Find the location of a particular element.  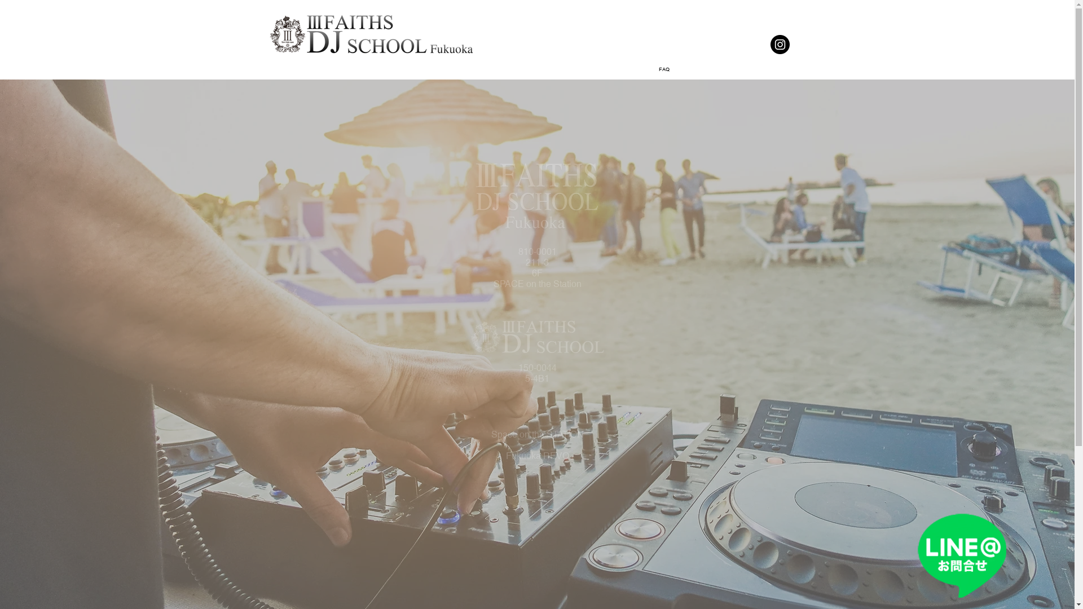

'FAQ' is located at coordinates (633, 69).